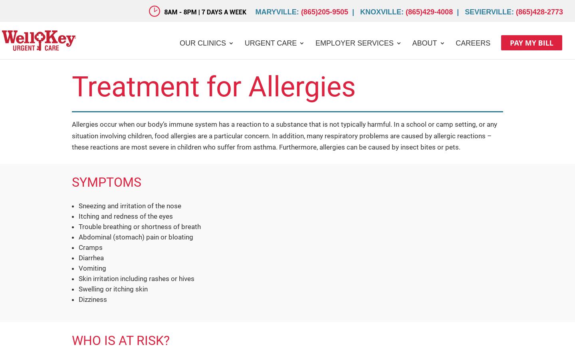  Describe the element at coordinates (294, 113) in the screenshot. I see `'School & Sports Physicals'` at that location.